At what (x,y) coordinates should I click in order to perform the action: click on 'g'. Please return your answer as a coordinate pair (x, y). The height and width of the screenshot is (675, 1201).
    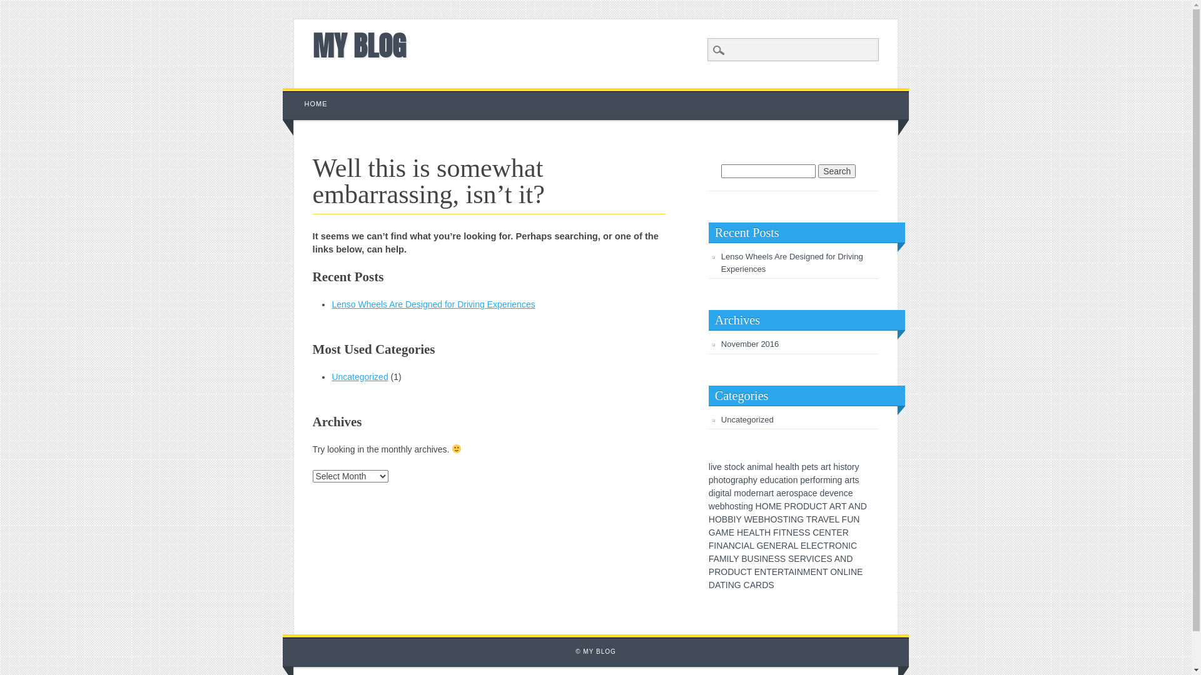
    Looking at the image, I should click on (732, 479).